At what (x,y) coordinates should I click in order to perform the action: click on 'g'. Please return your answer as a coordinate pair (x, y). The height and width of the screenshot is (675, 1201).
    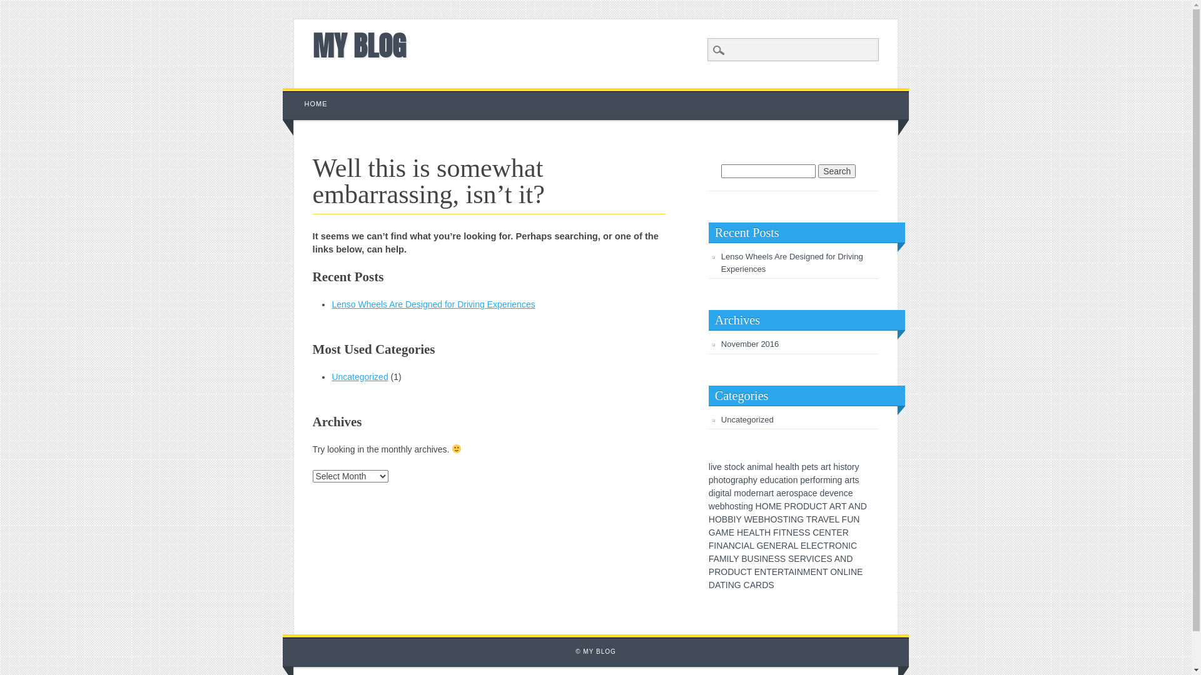
    Looking at the image, I should click on (732, 479).